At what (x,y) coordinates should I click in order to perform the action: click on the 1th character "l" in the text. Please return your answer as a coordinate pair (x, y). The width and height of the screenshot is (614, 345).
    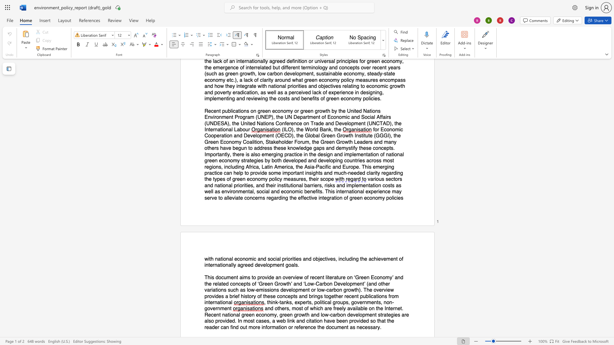
    Looking at the image, I should click on (326, 277).